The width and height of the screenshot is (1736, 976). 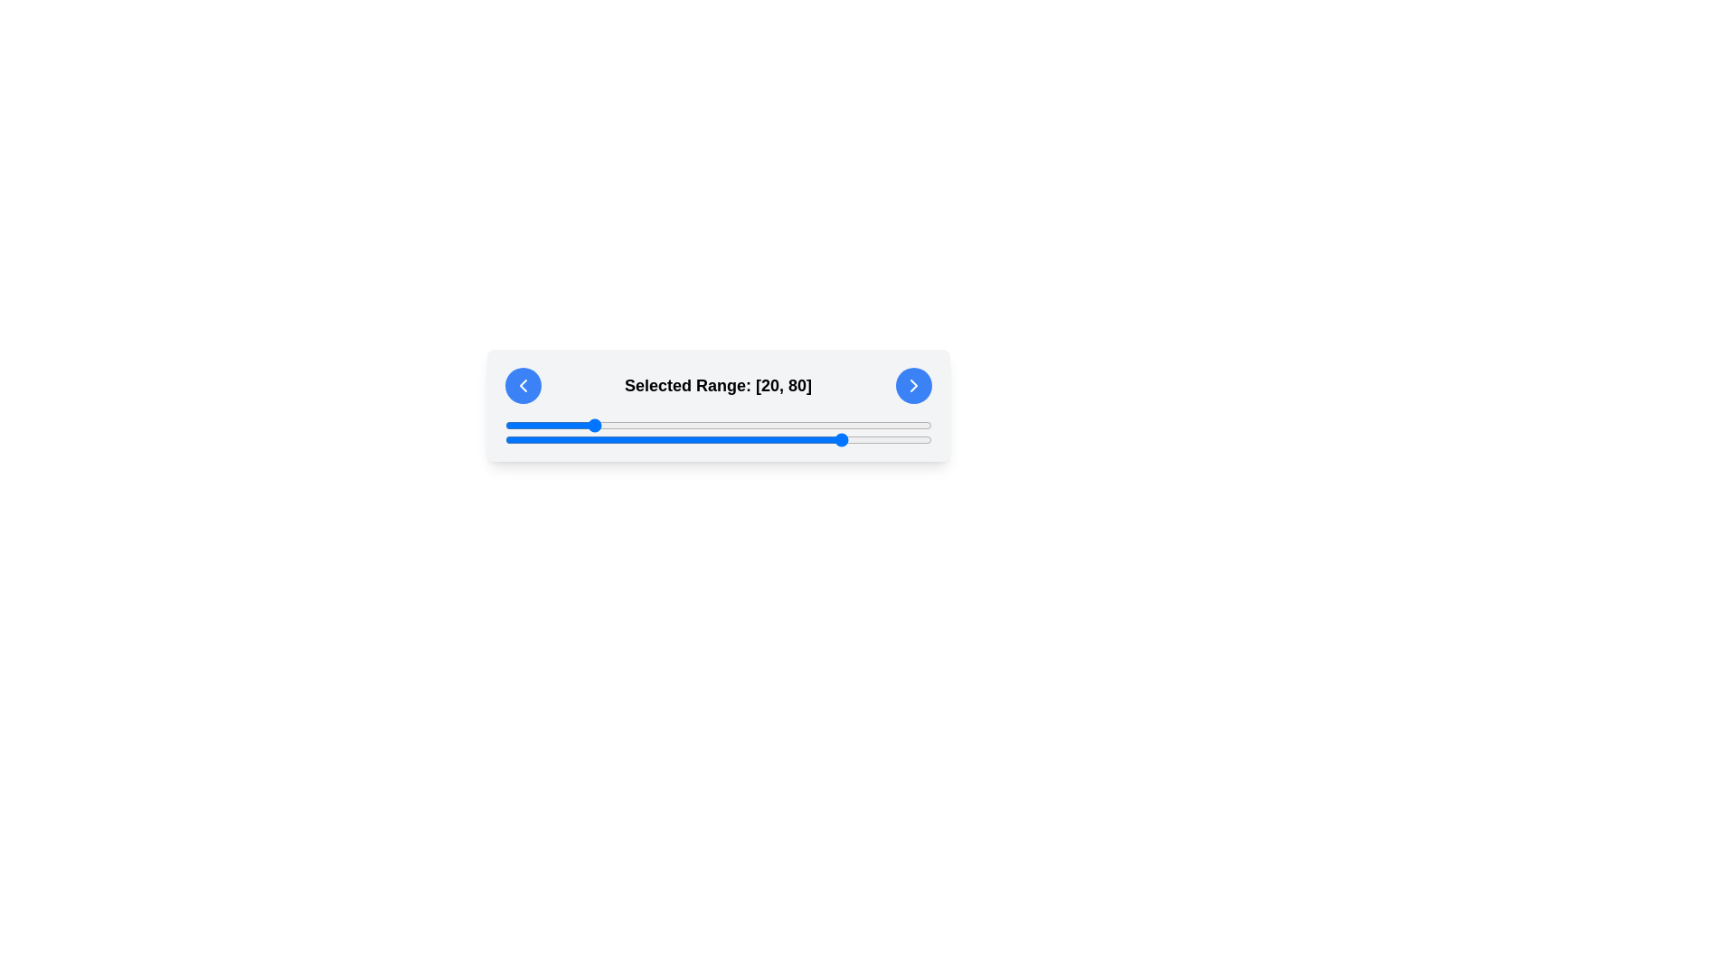 I want to click on slider value, so click(x=529, y=425).